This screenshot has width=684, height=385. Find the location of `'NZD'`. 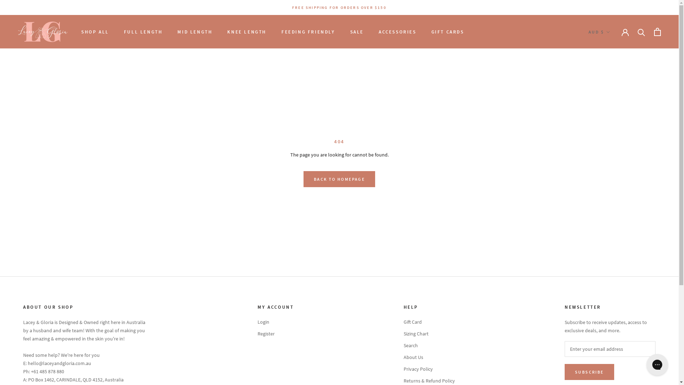

'NZD' is located at coordinates (607, 90).